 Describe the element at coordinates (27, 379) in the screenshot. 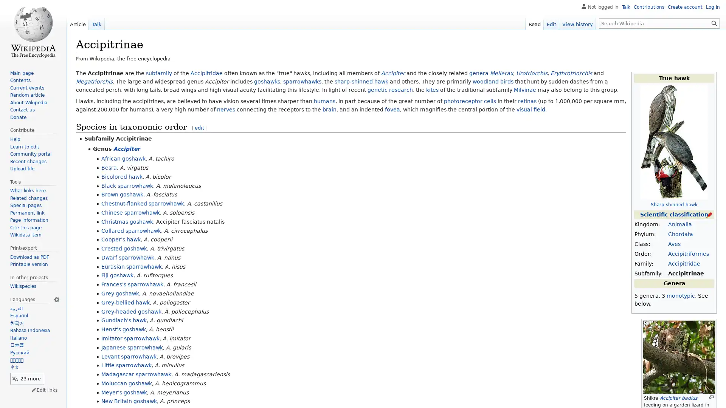

I see `23 more` at that location.